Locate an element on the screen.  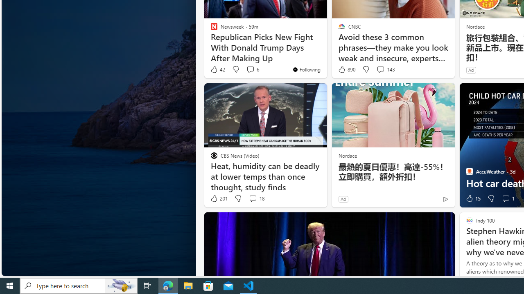
'Ad Choice' is located at coordinates (445, 199).